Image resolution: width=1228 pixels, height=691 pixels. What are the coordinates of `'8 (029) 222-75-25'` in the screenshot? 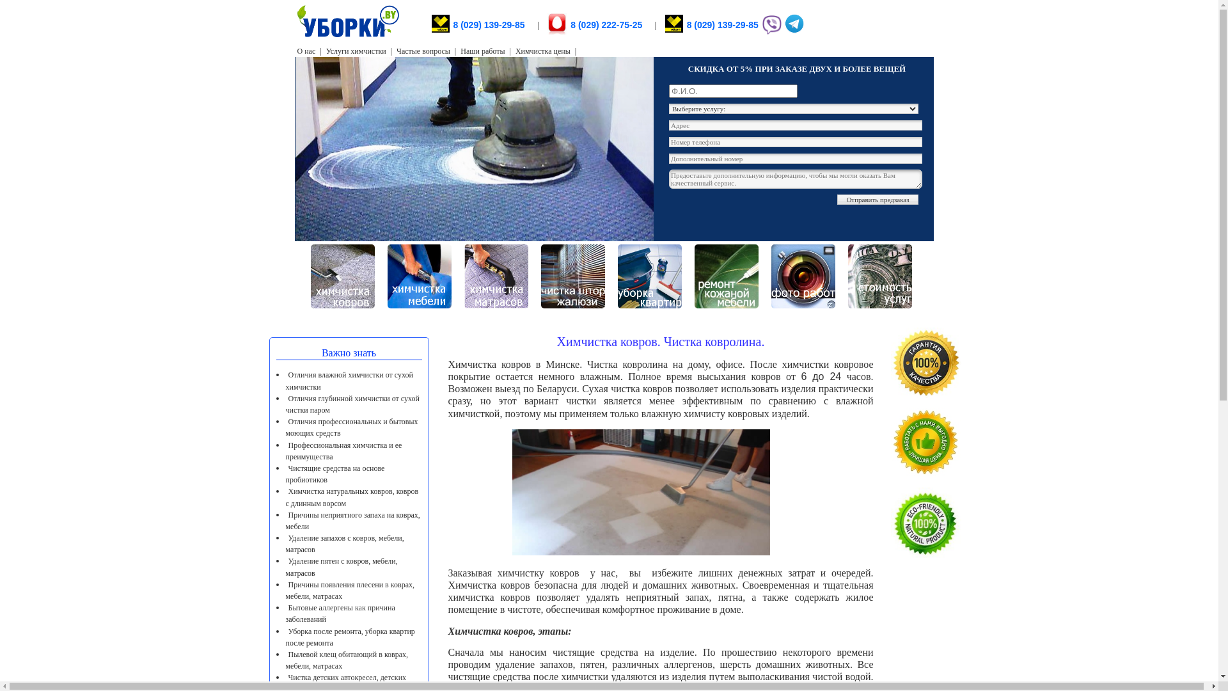 It's located at (547, 23).